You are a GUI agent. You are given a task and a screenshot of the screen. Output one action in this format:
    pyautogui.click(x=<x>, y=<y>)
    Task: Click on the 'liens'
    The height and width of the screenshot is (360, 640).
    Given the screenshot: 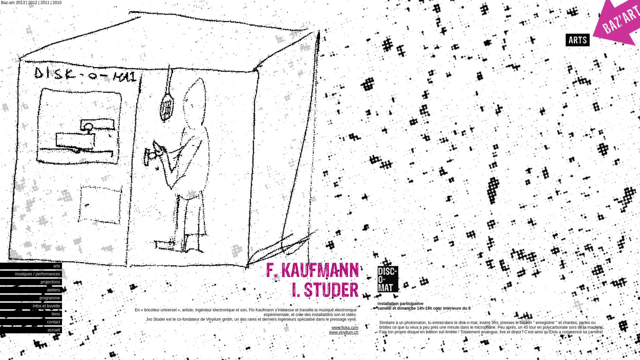 What is the action you would take?
    pyautogui.click(x=0, y=314)
    